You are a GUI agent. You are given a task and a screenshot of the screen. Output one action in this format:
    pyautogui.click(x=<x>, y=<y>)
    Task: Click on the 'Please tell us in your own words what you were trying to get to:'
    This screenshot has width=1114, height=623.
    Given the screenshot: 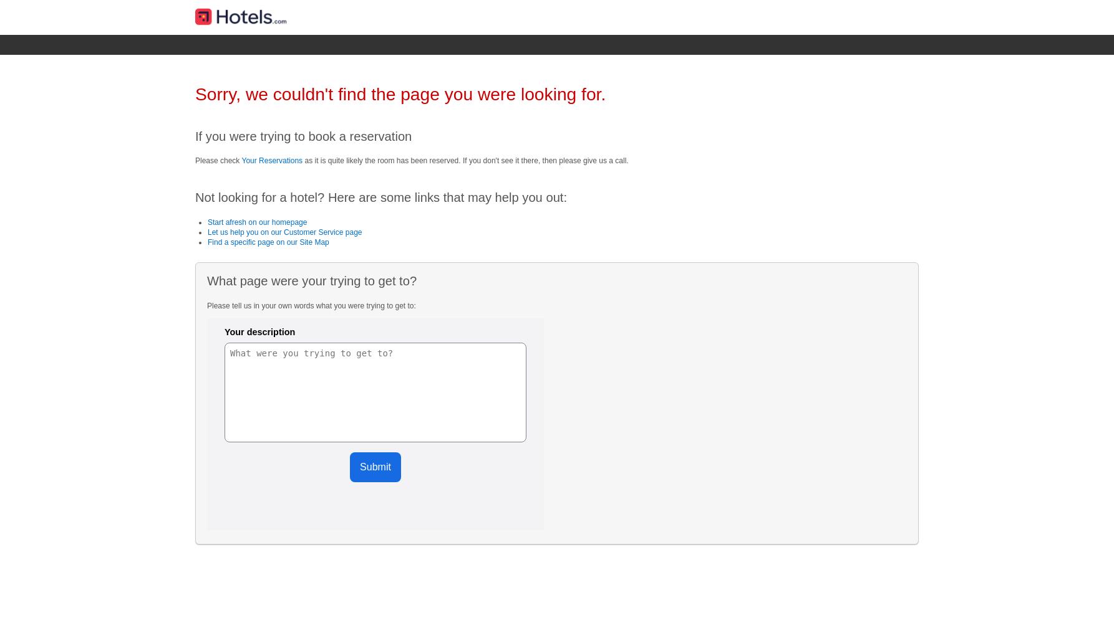 What is the action you would take?
    pyautogui.click(x=311, y=305)
    